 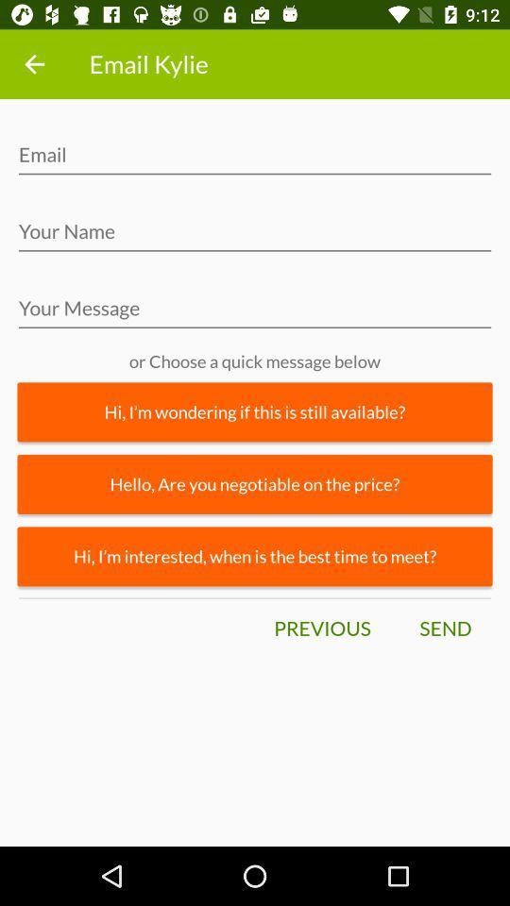 I want to click on the previous, so click(x=321, y=629).